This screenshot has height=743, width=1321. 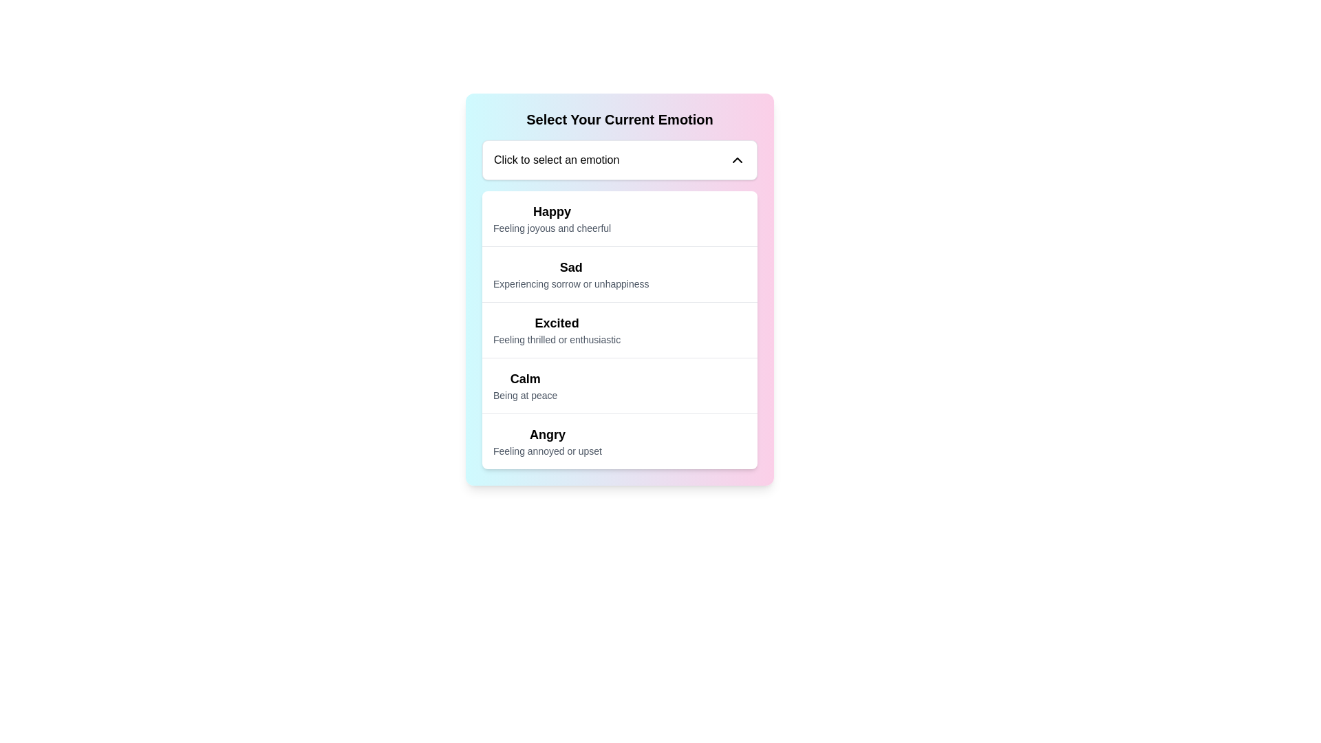 What do you see at coordinates (524, 379) in the screenshot?
I see `the label representing the emotion 'Calm,' which is the third item in the list of emotions, located beneath 'Excited' and above 'Being at peace.'` at bounding box center [524, 379].